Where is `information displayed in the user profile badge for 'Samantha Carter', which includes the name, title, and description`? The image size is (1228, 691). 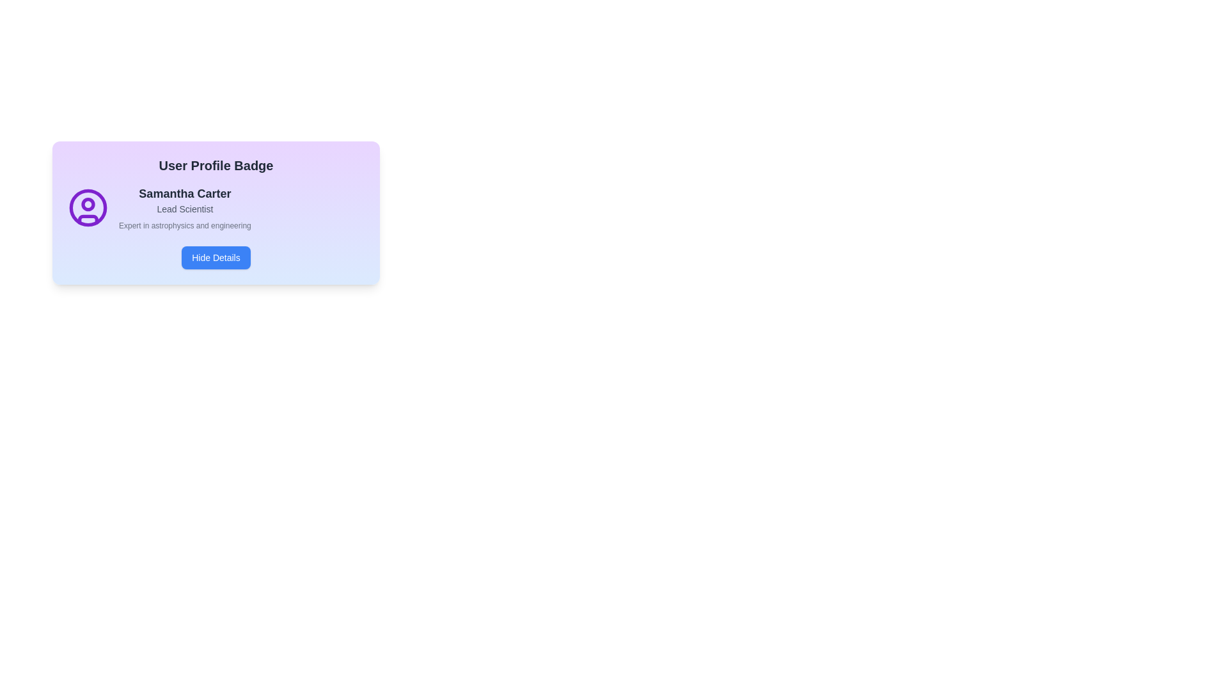
information displayed in the user profile badge for 'Samantha Carter', which includes the name, title, and description is located at coordinates (216, 207).